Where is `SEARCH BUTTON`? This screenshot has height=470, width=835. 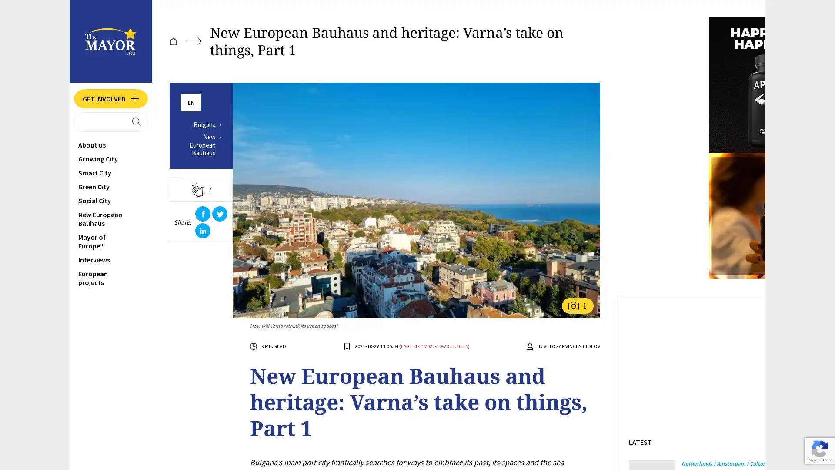
SEARCH BUTTON is located at coordinates (110, 123).